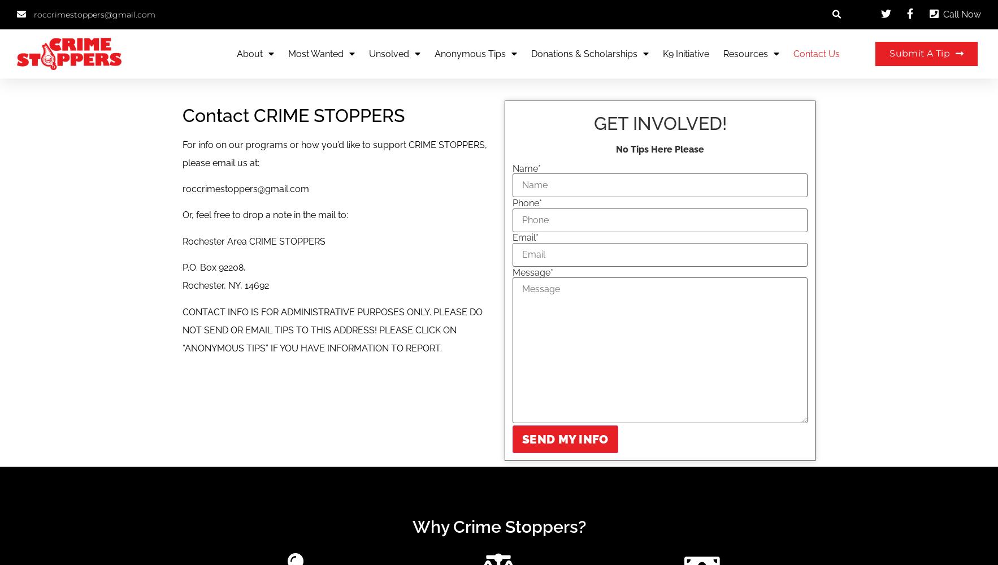 The image size is (998, 565). Describe the element at coordinates (335, 153) in the screenshot. I see `'For info on our programs or how you’d like to support CRIME STOPPERS, please email us at:'` at that location.